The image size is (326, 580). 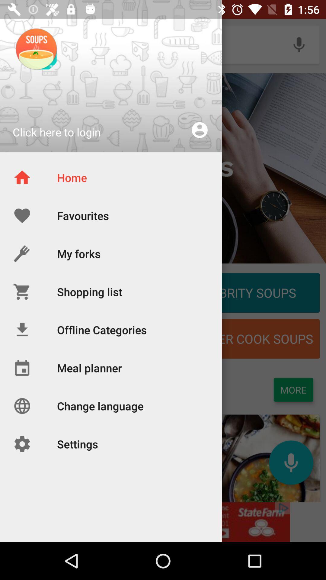 I want to click on the microphone icon, so click(x=299, y=44).